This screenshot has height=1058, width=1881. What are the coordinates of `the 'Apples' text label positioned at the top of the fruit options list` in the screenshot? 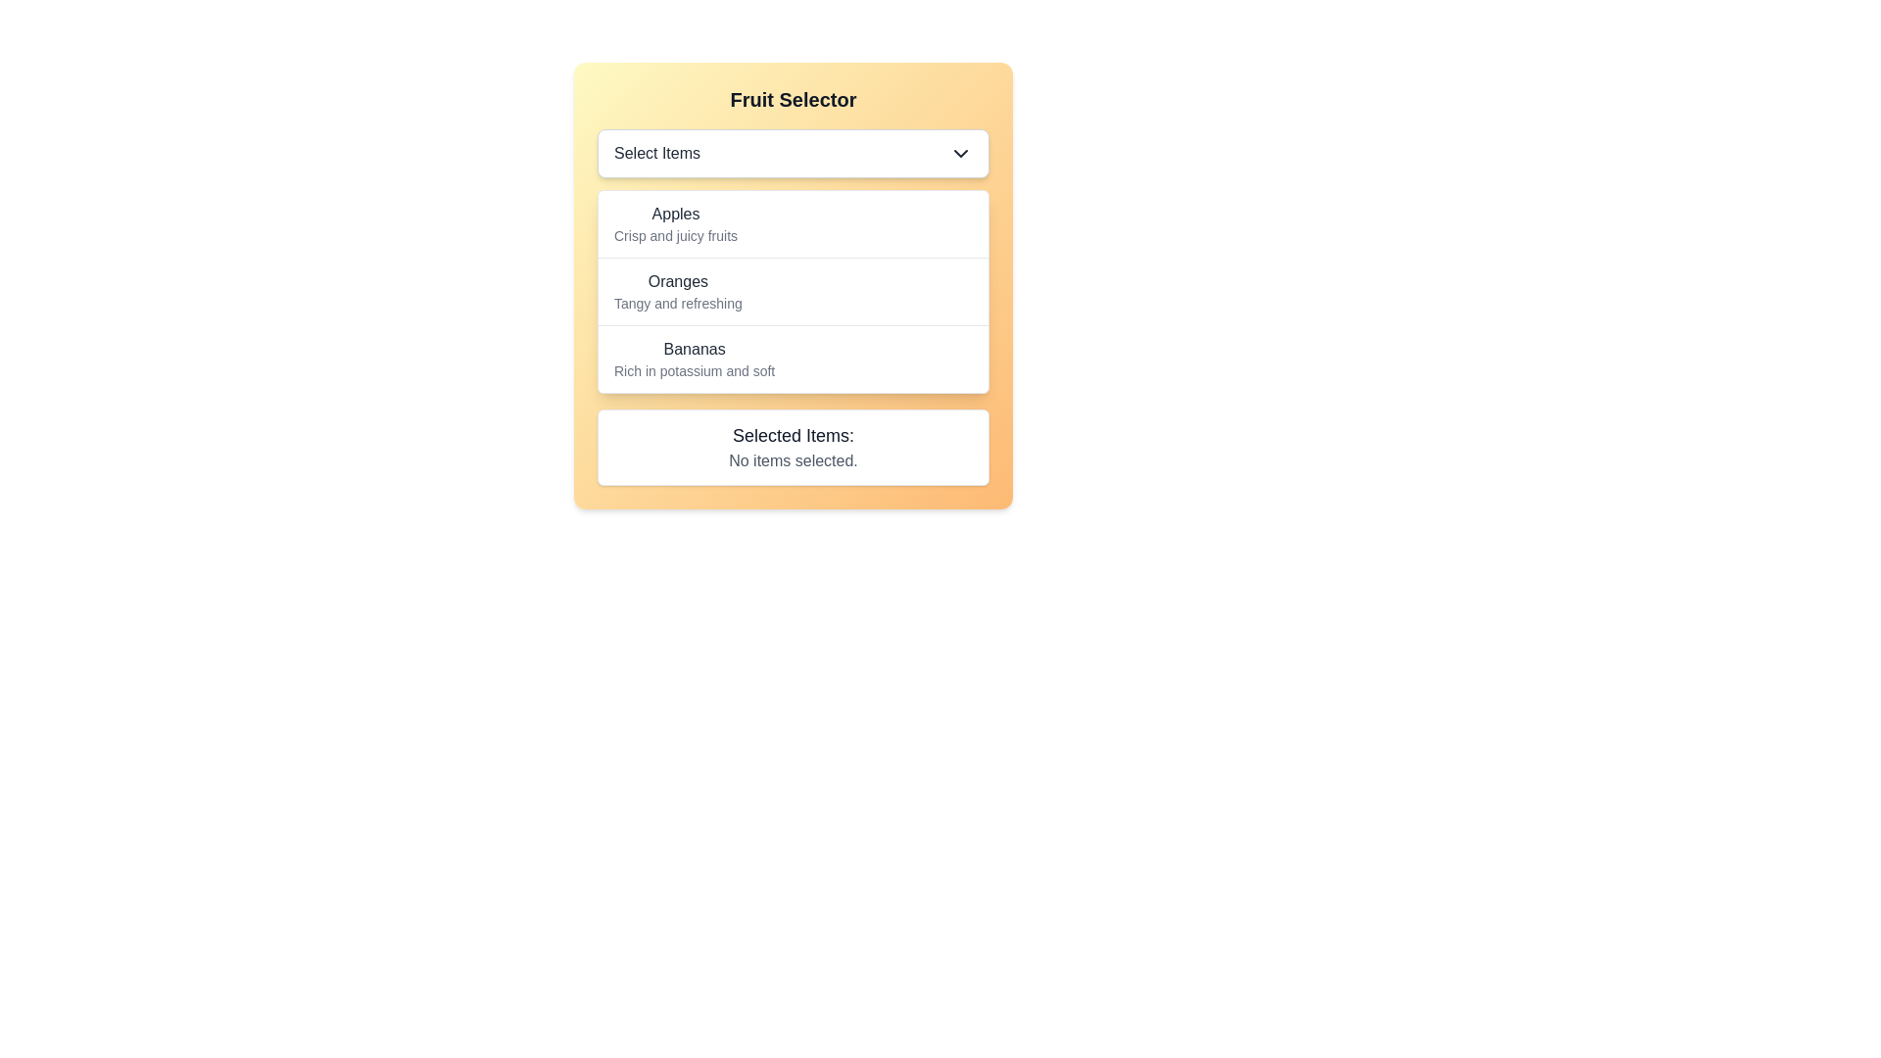 It's located at (676, 215).